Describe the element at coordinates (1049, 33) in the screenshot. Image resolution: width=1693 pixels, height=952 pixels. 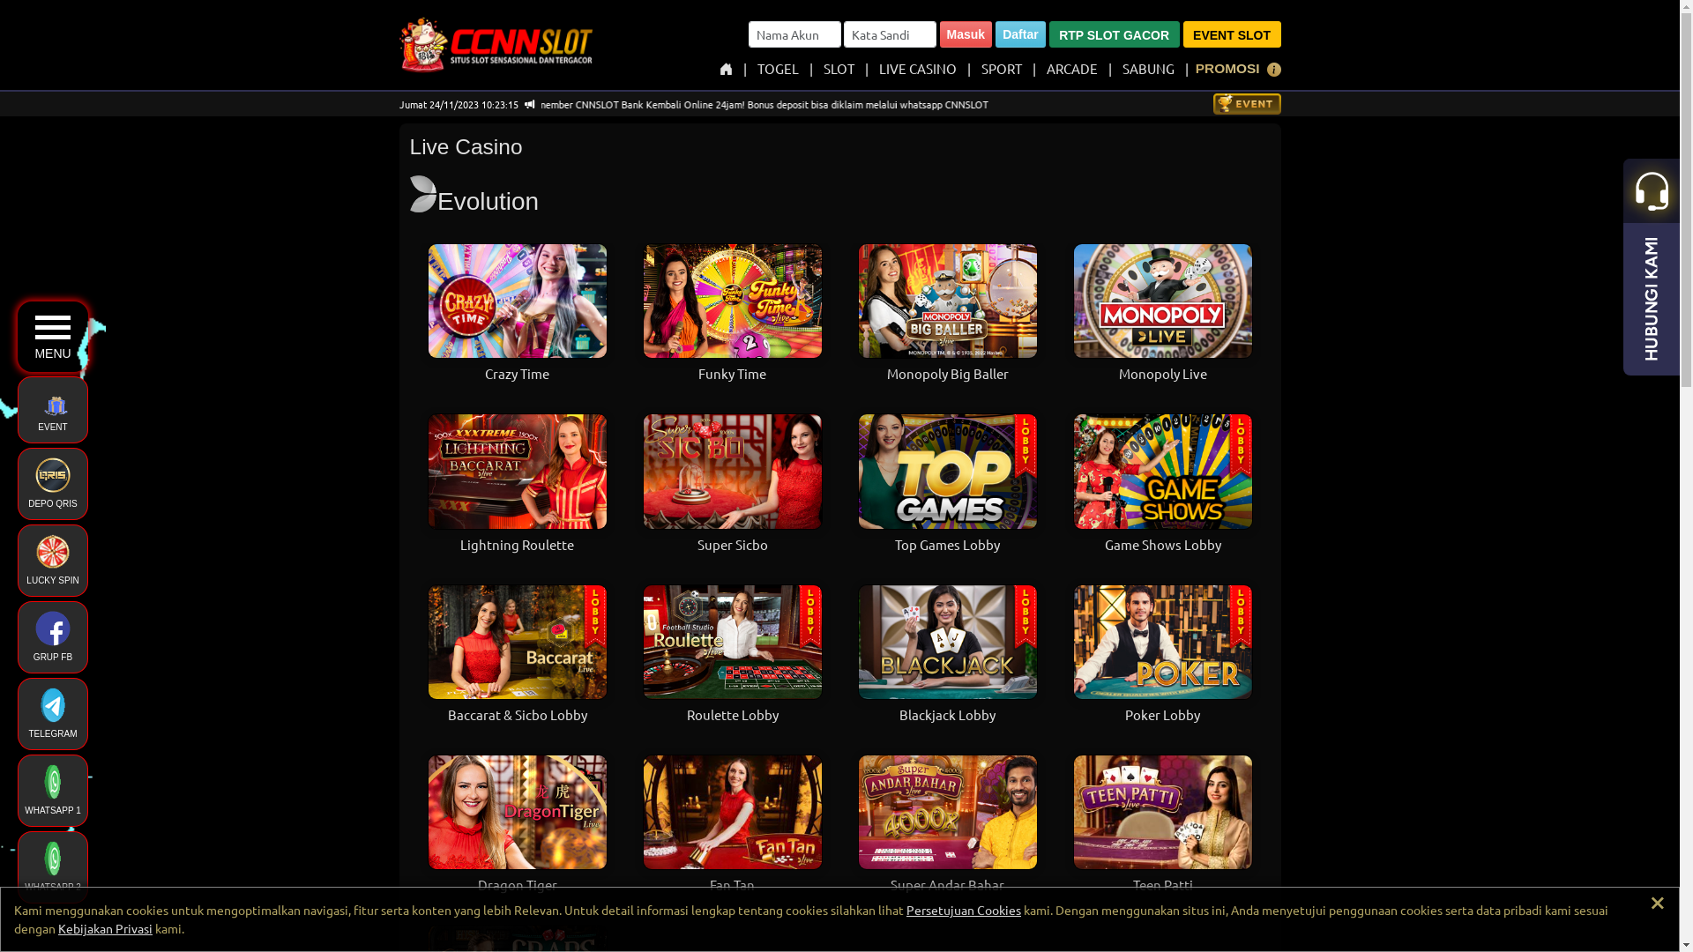
I see `'RTP SLOT GACOR'` at that location.